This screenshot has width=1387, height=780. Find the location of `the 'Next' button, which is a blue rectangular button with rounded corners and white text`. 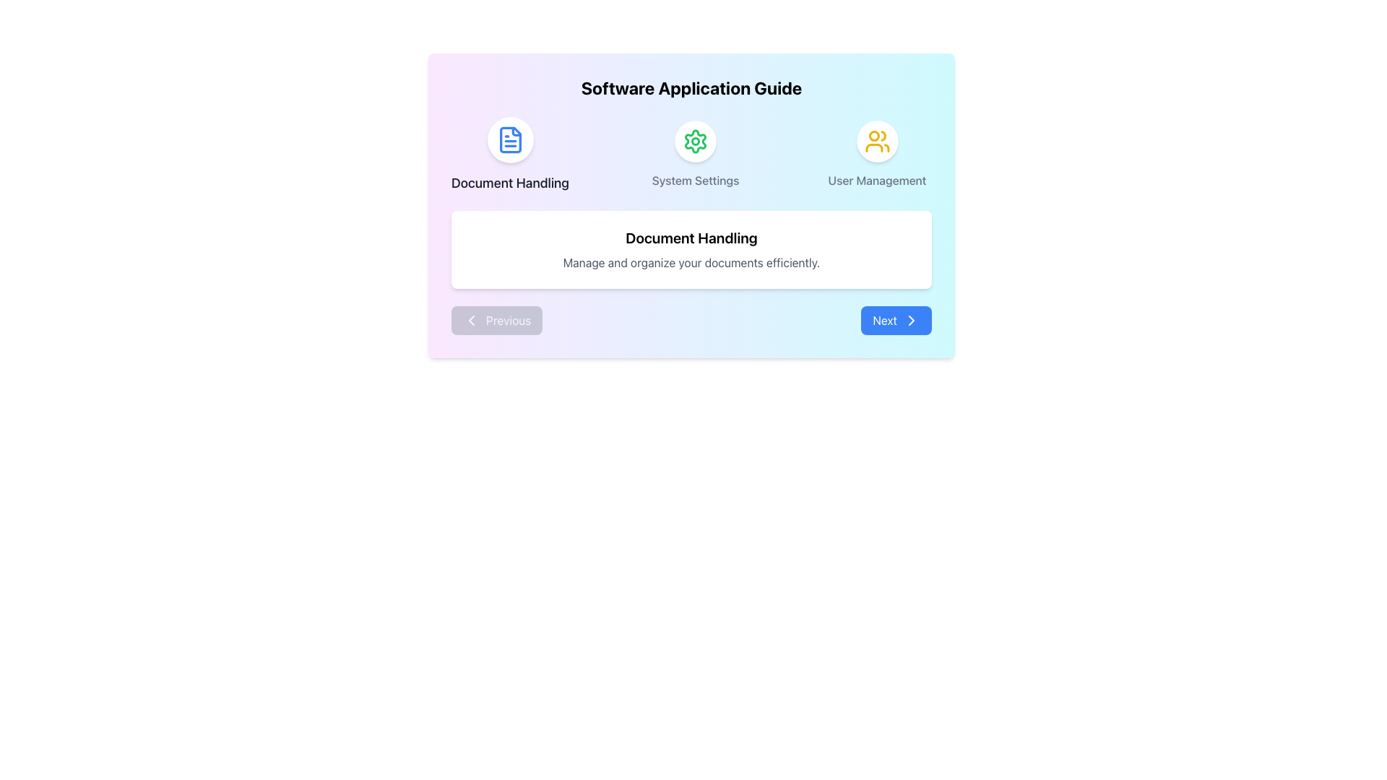

the 'Next' button, which is a blue rectangular button with rounded corners and white text is located at coordinates (896, 319).